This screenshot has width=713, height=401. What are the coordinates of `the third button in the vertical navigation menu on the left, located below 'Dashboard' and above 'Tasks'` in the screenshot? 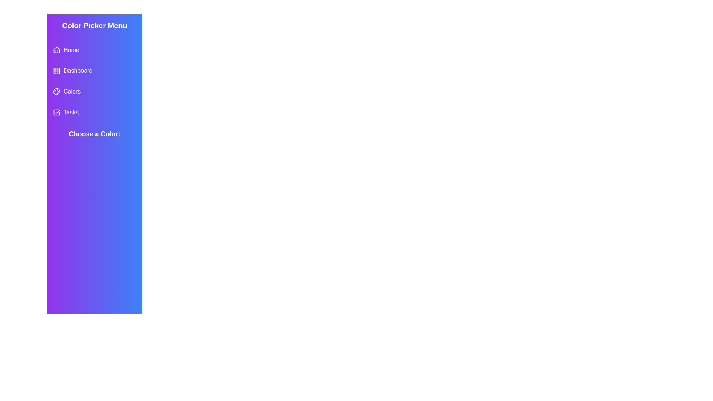 It's located at (94, 91).